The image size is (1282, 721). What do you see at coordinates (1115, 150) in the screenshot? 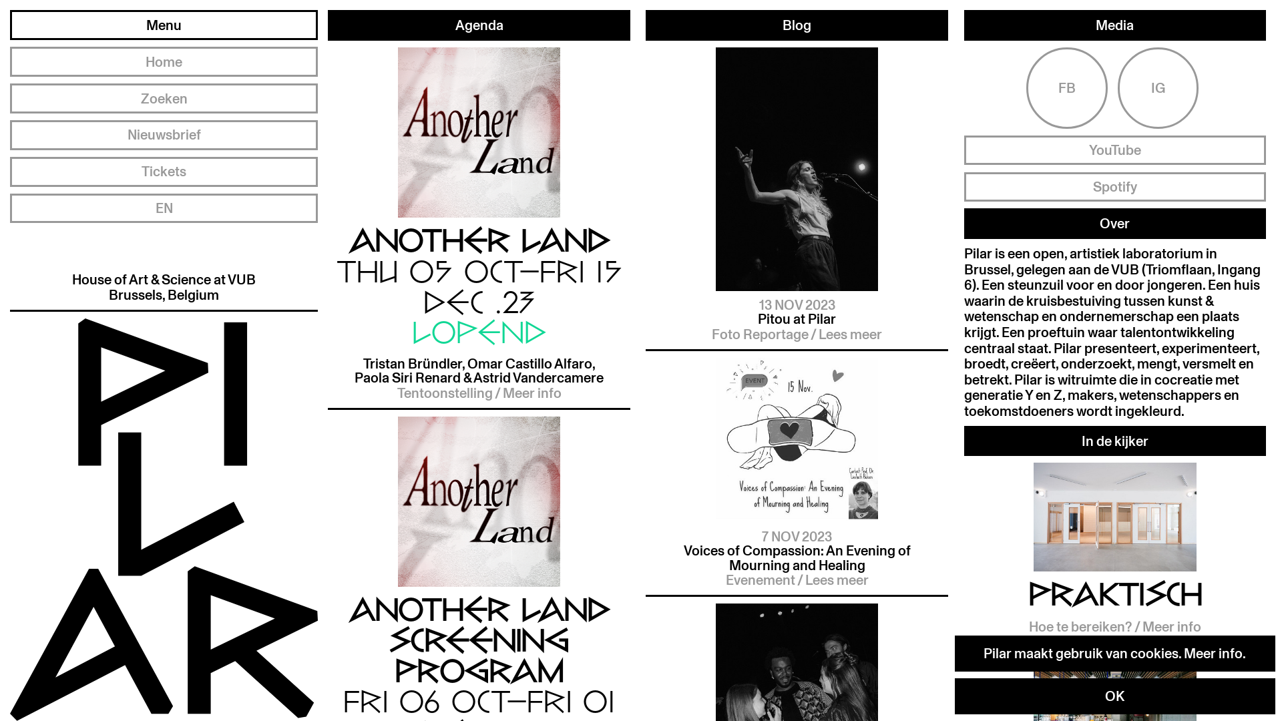
I see `'YouTube'` at bounding box center [1115, 150].